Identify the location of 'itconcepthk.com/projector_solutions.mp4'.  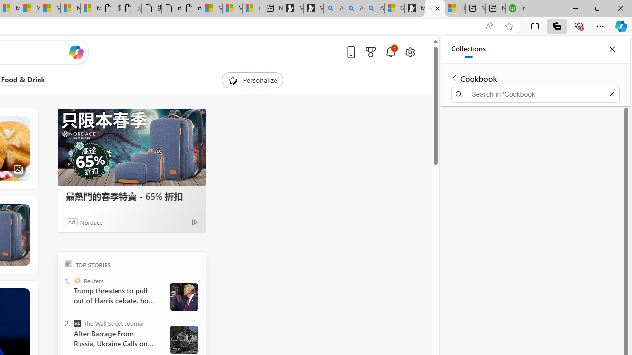
(192, 8).